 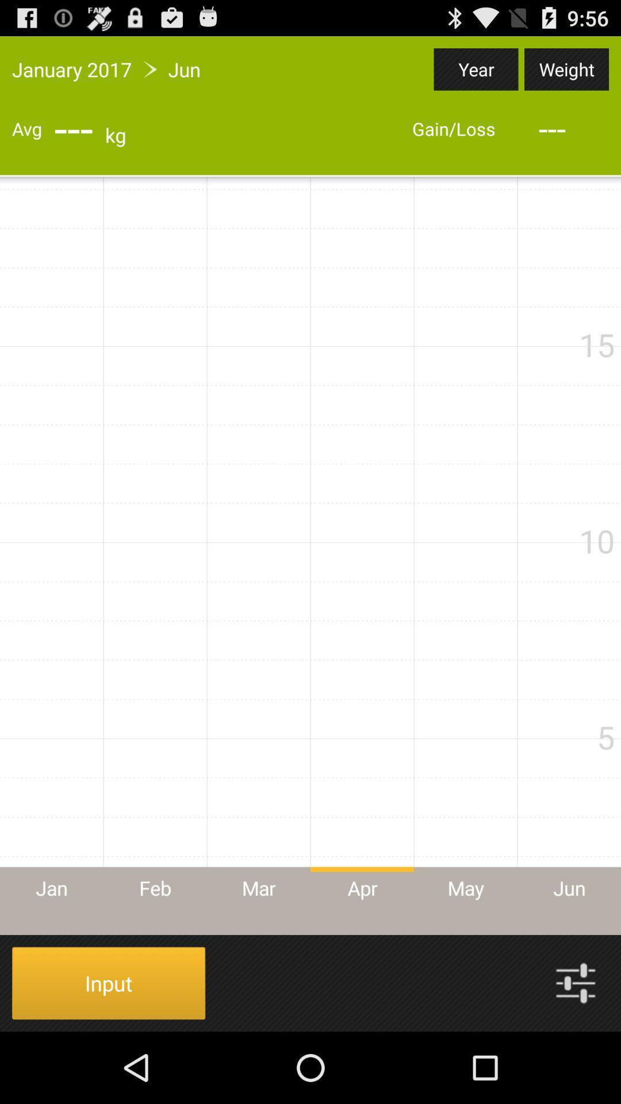 What do you see at coordinates (109, 982) in the screenshot?
I see `item at the bottom left corner` at bounding box center [109, 982].